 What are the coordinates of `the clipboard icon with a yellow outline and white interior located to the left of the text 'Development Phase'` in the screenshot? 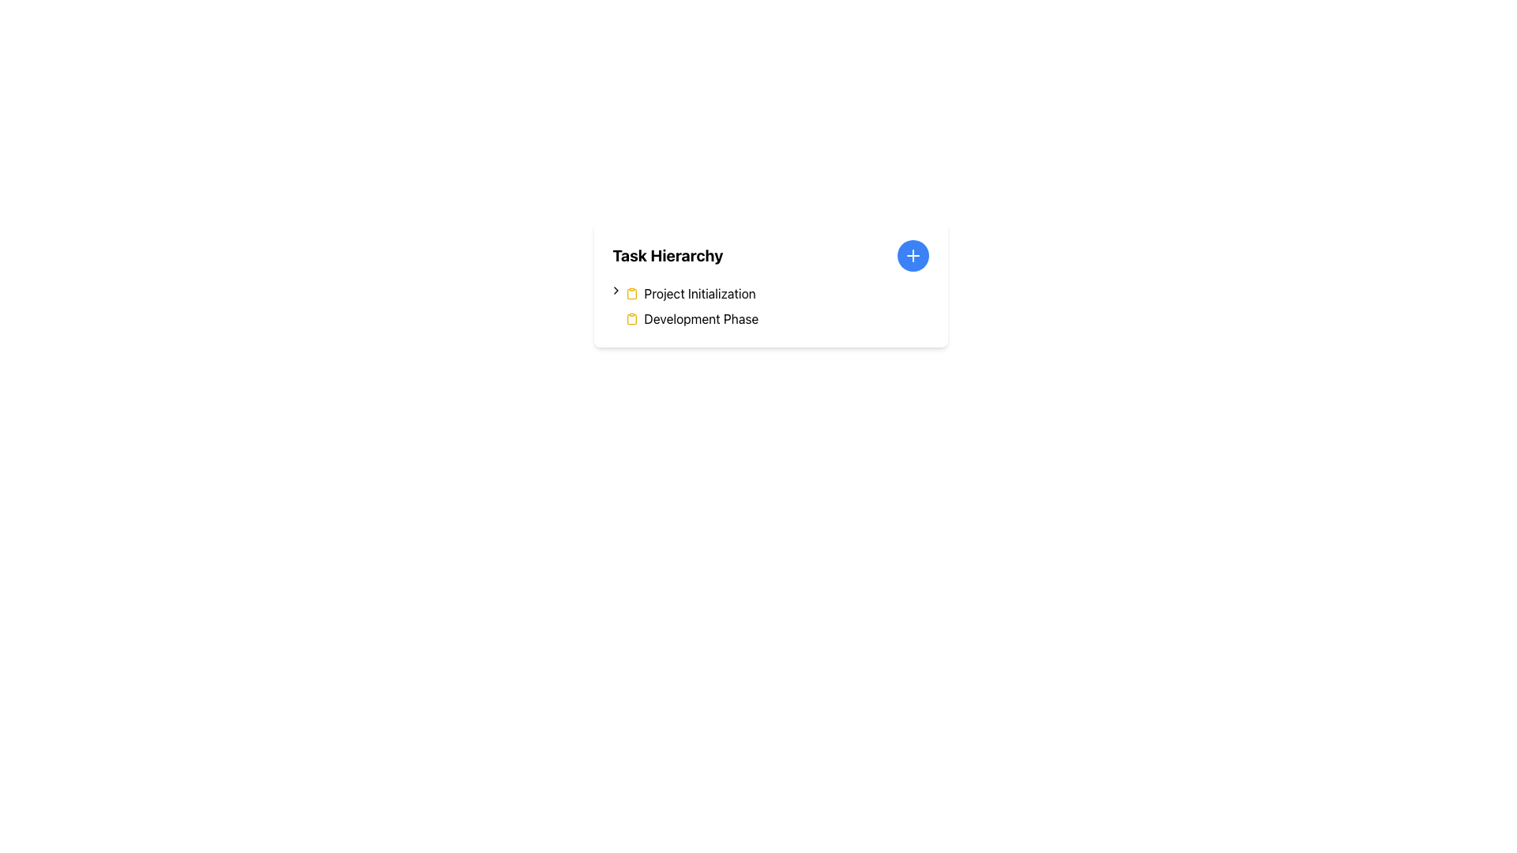 It's located at (631, 319).